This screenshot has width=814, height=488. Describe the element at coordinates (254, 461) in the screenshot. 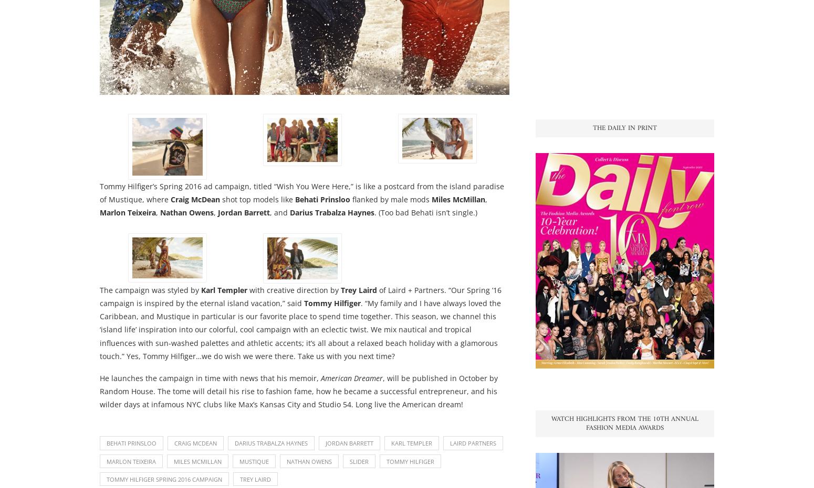

I see `'Mustique'` at that location.